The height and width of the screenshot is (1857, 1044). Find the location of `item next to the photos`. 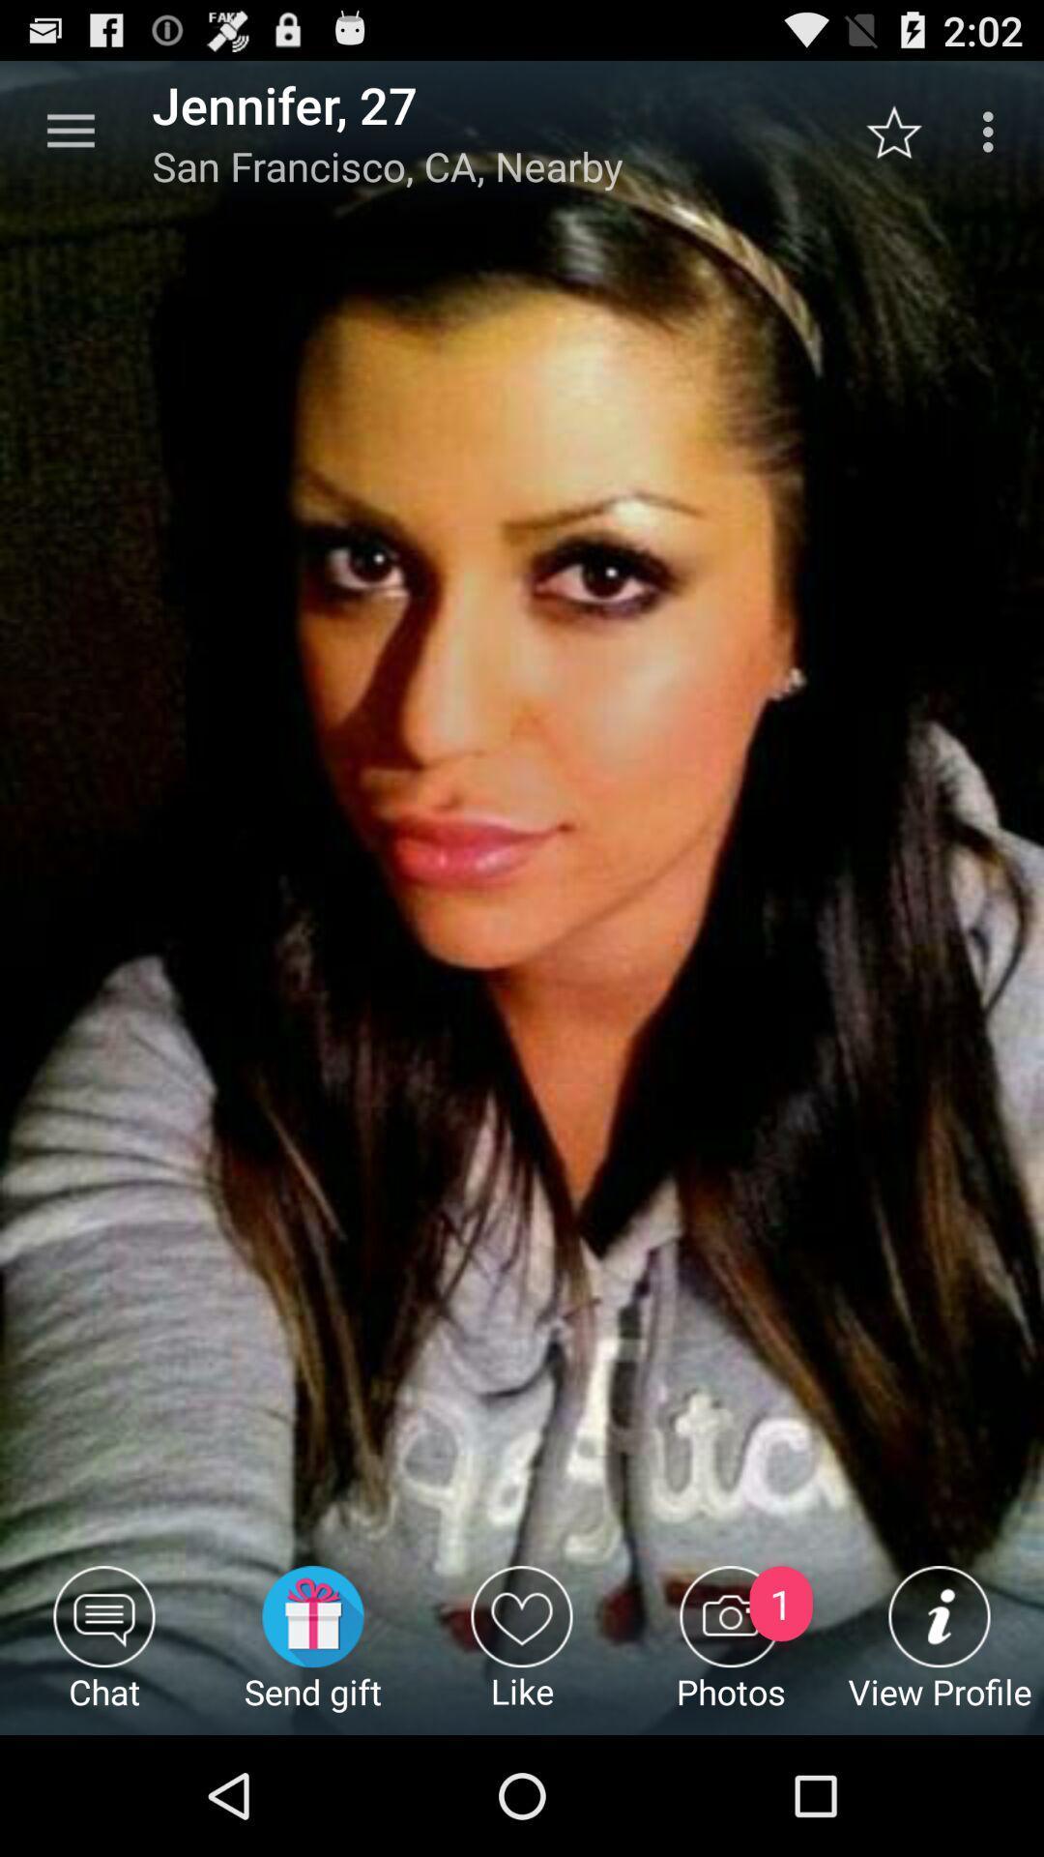

item next to the photos is located at coordinates (522, 1649).